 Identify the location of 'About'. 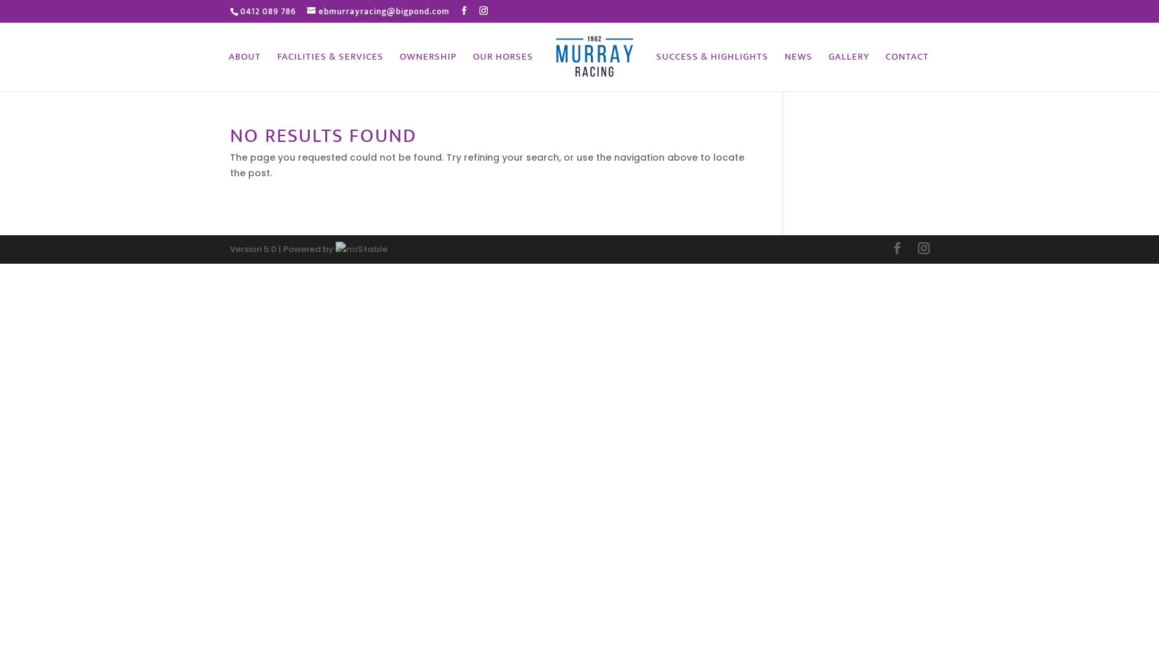
(244, 55).